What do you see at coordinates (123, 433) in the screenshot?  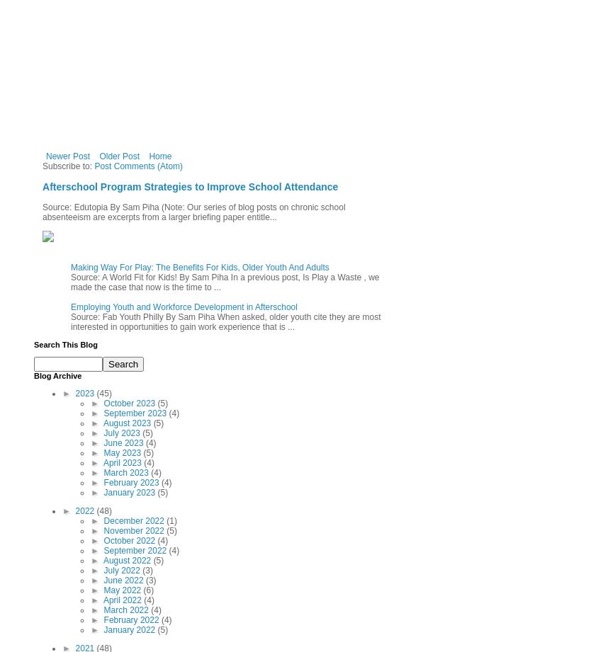 I see `'July 2023'` at bounding box center [123, 433].